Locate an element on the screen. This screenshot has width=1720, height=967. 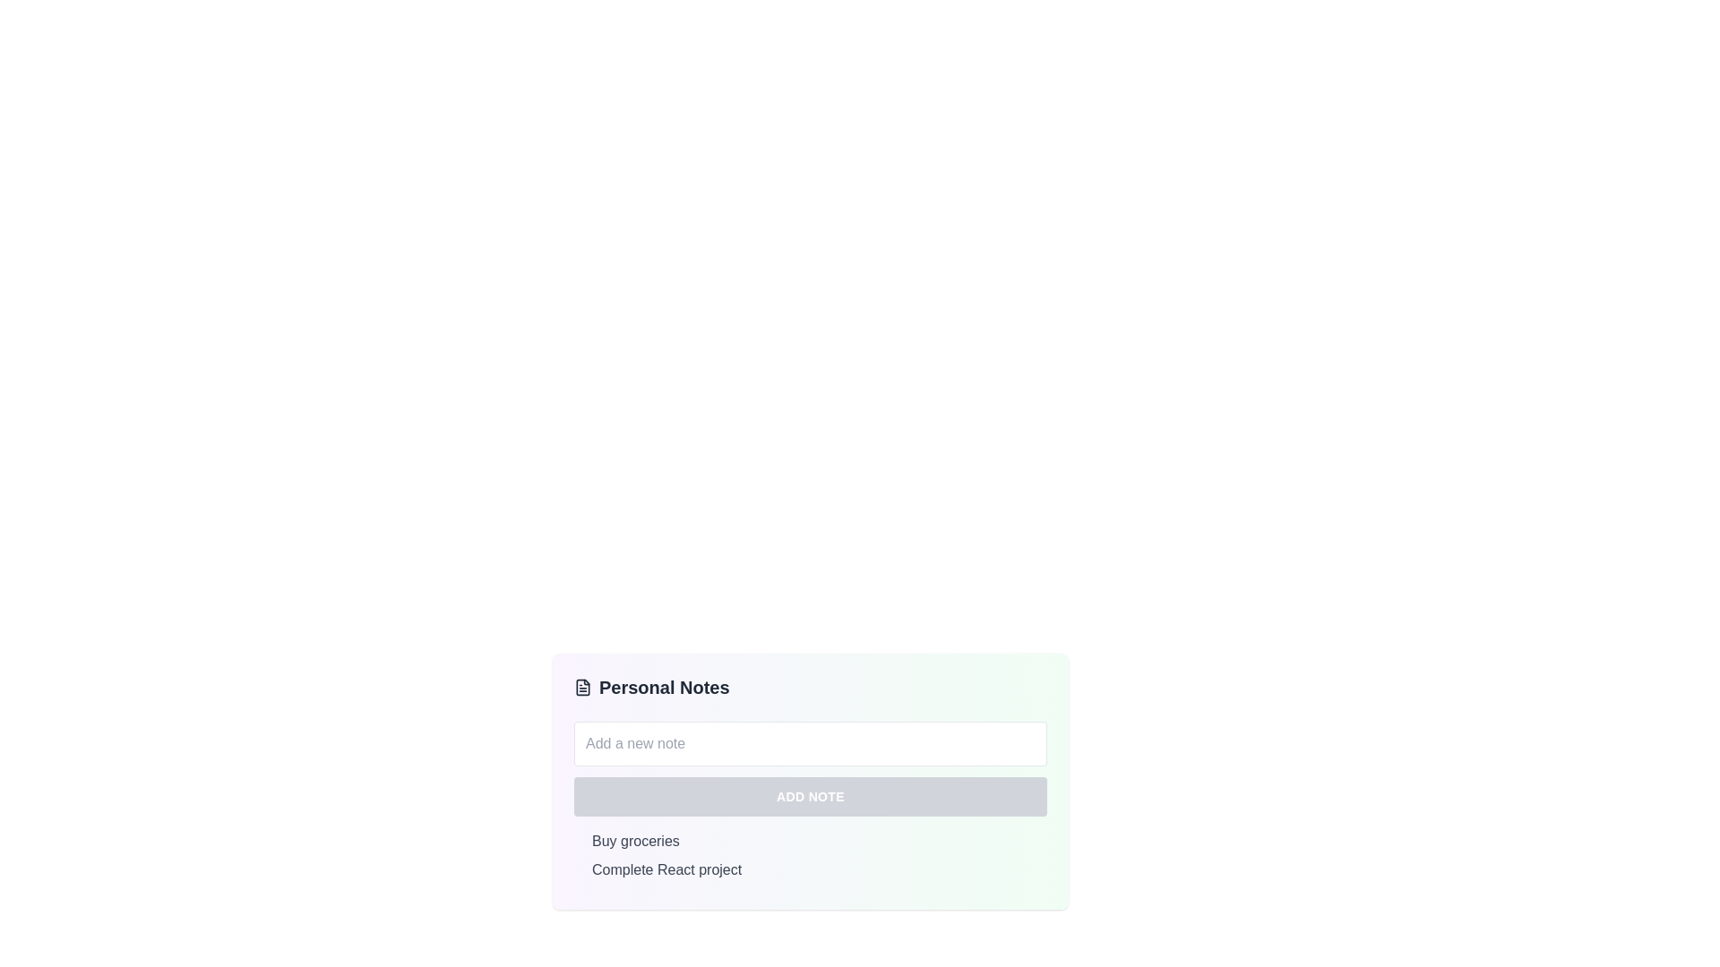
the 'Add Note' button within the 'Personal Notes' note-taking widget is located at coordinates (810, 780).